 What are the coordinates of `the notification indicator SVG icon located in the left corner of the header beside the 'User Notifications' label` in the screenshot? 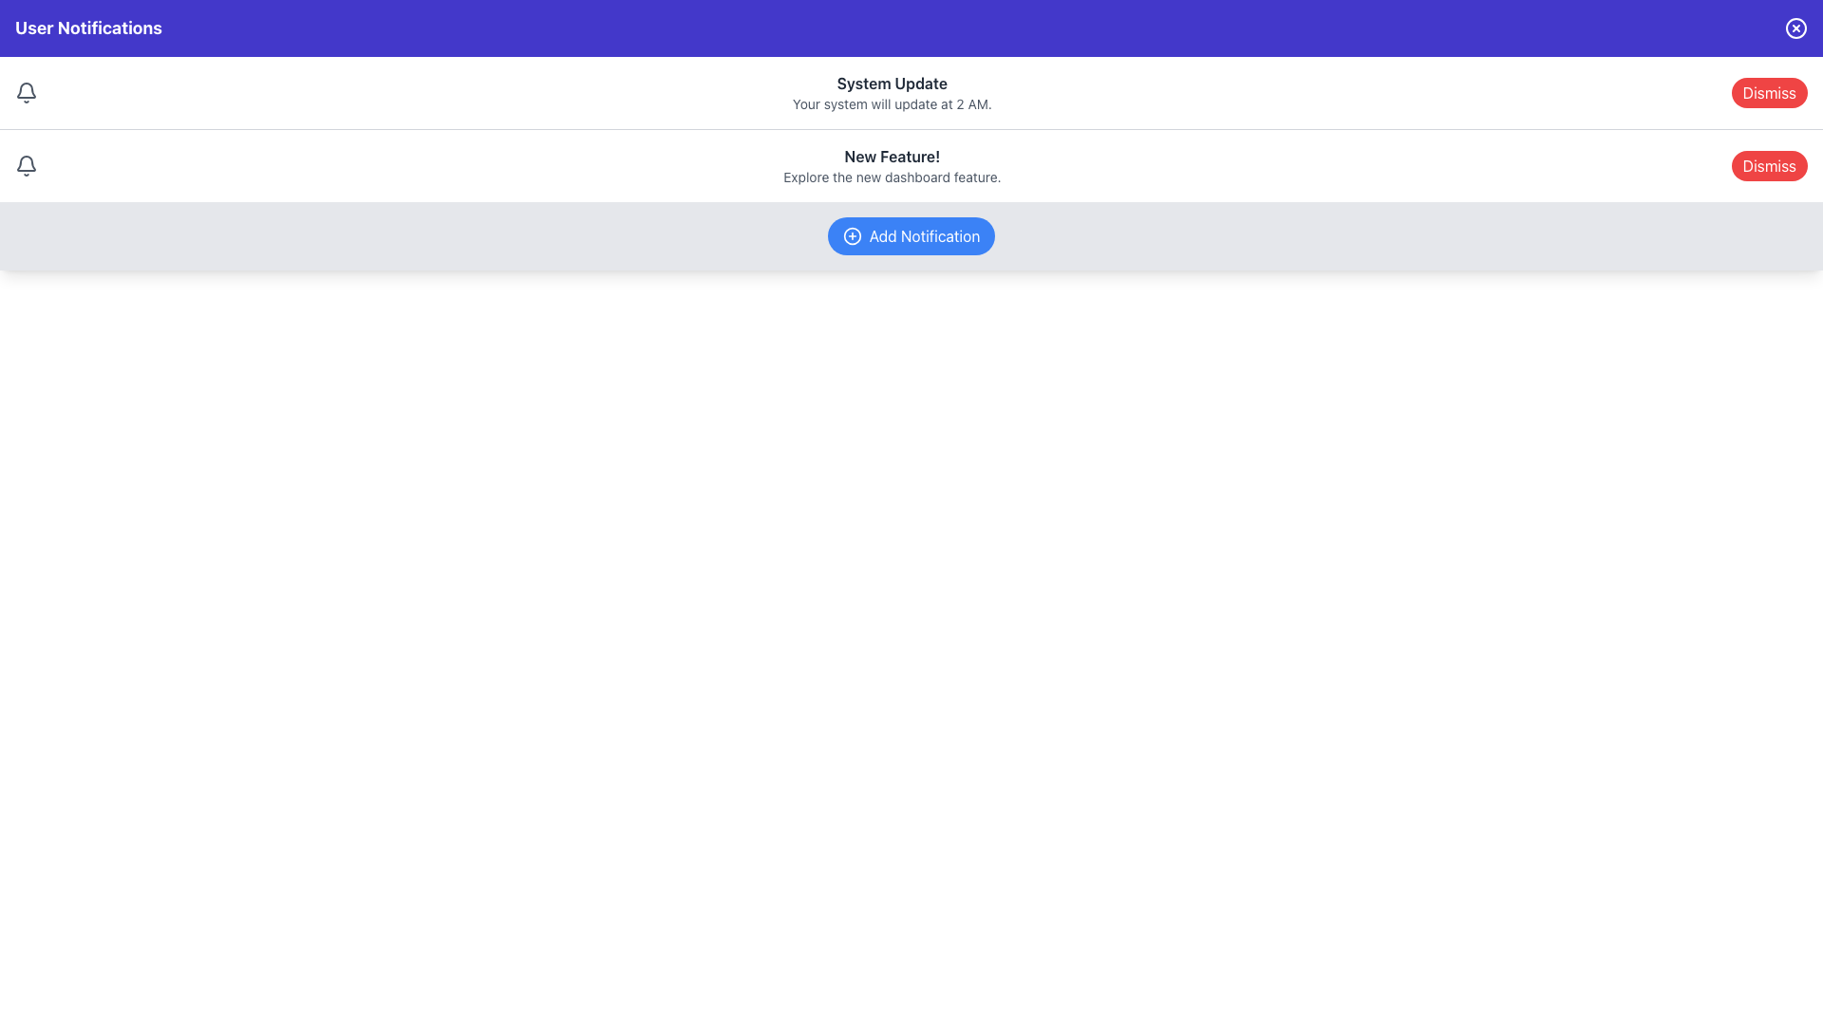 It's located at (27, 162).